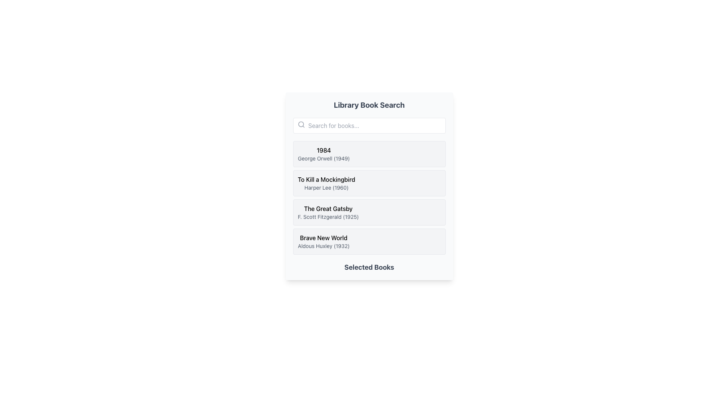  What do you see at coordinates (324, 154) in the screenshot?
I see `the text display for the book '1984' by George Orwell` at bounding box center [324, 154].